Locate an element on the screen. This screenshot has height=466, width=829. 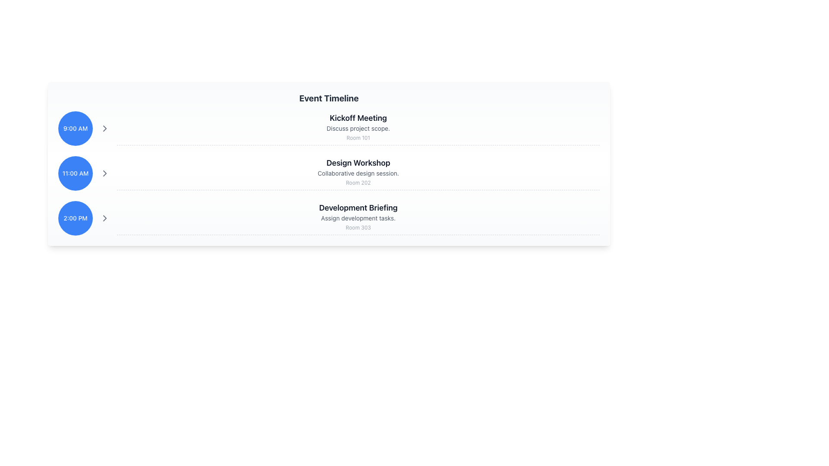
the third list item representing a scheduled event in the timeline is located at coordinates (329, 217).